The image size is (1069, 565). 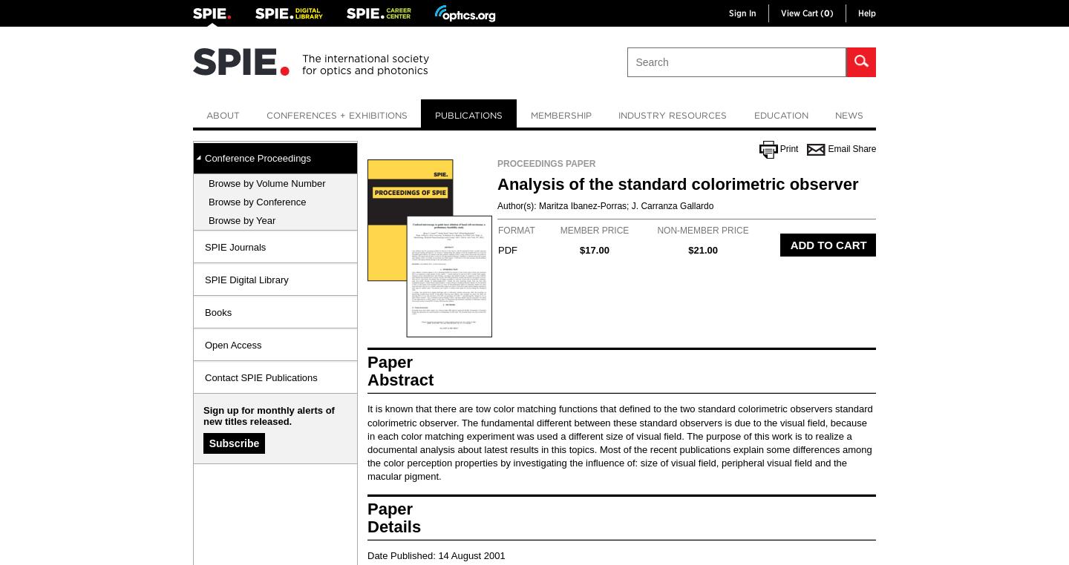 I want to click on 'Member Price', so click(x=594, y=229).